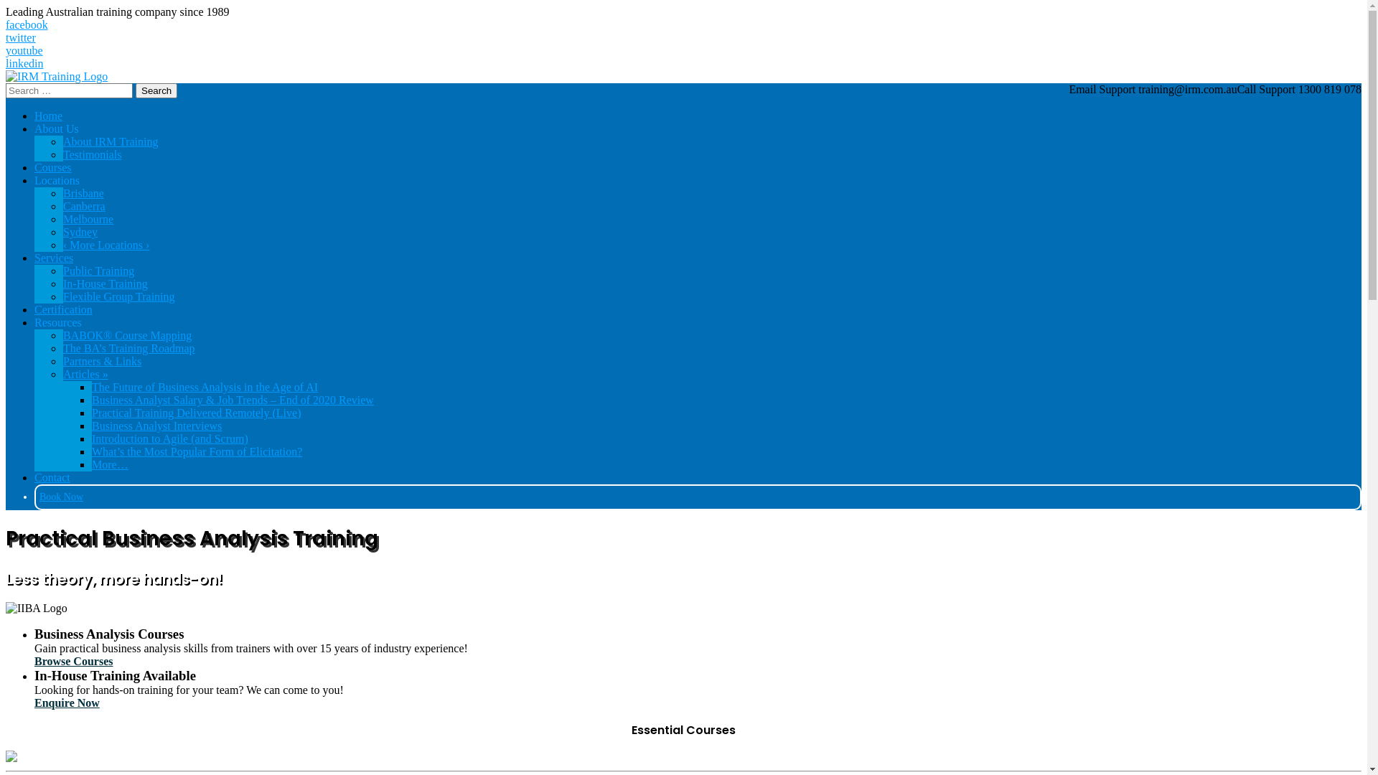 Image resolution: width=1378 pixels, height=775 pixels. I want to click on 'Testimonials', so click(62, 154).